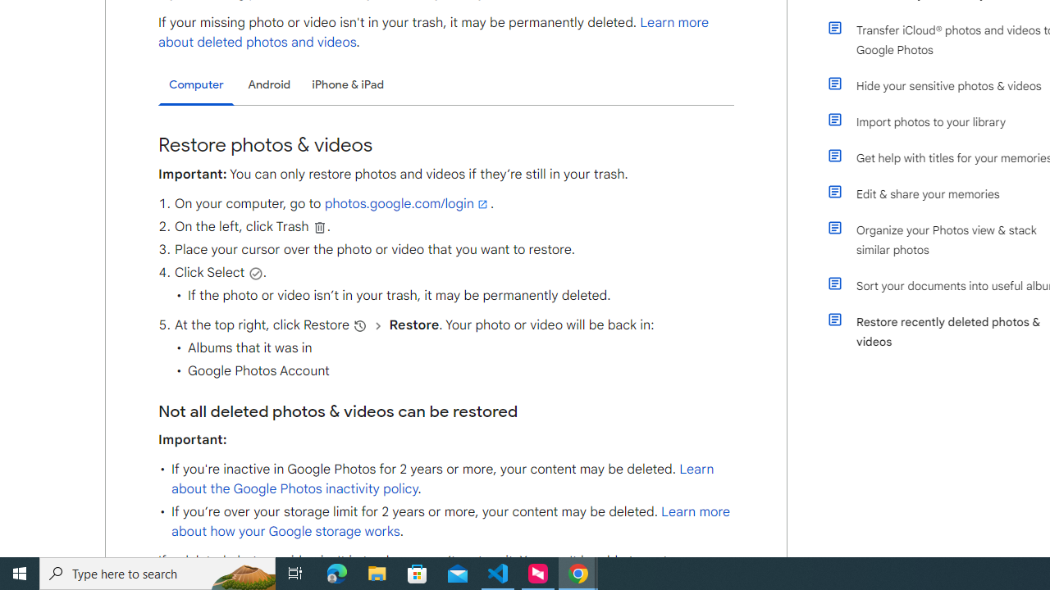 The width and height of the screenshot is (1050, 590). I want to click on 'photos.google.com/login', so click(407, 203).